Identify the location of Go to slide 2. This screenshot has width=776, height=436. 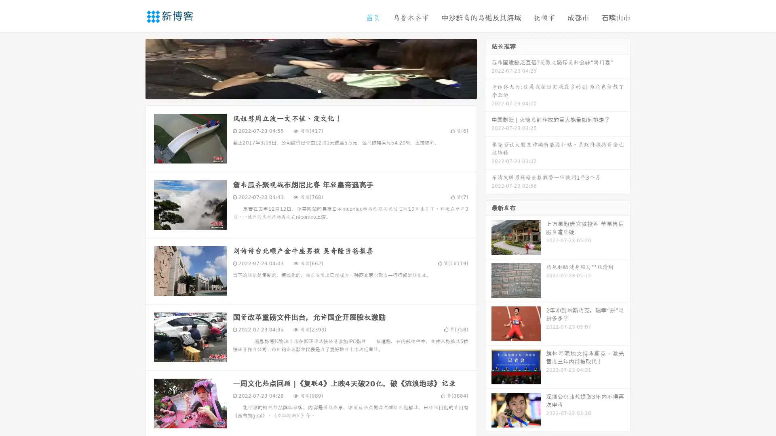
(310, 91).